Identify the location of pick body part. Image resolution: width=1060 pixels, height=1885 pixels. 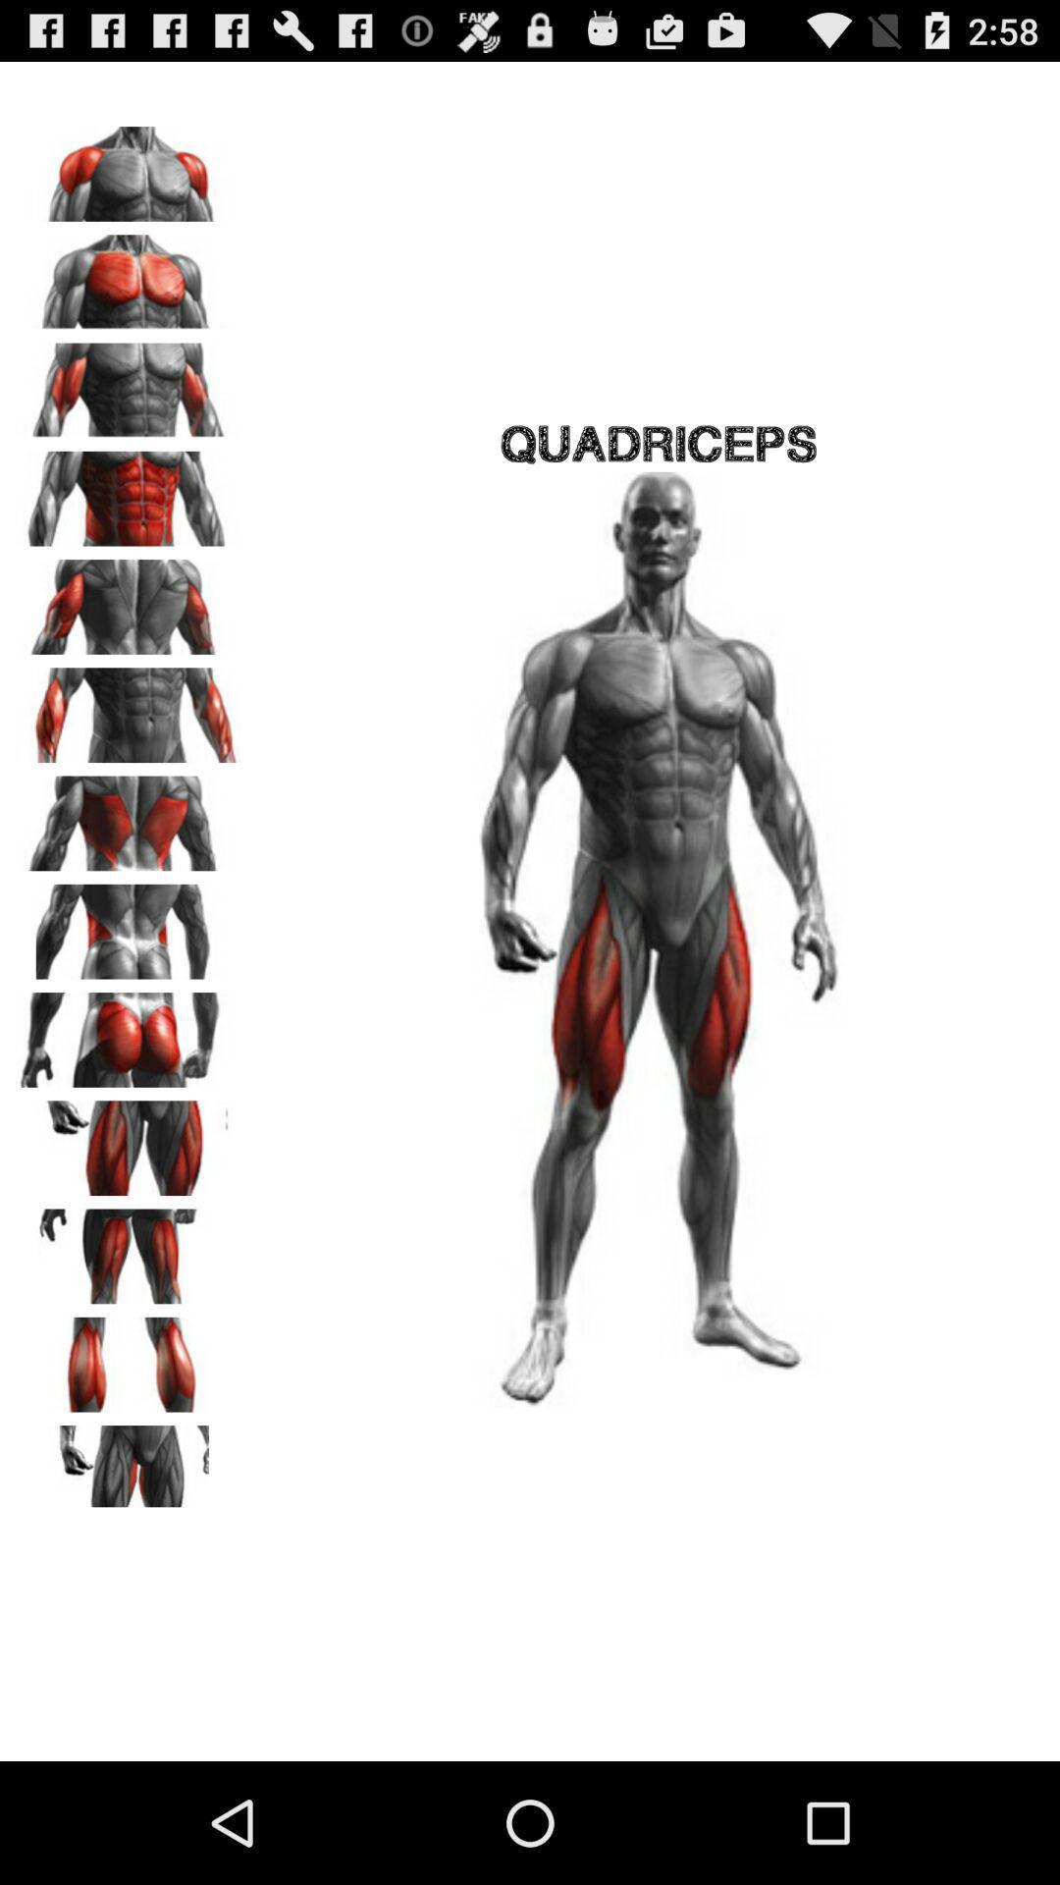
(129, 707).